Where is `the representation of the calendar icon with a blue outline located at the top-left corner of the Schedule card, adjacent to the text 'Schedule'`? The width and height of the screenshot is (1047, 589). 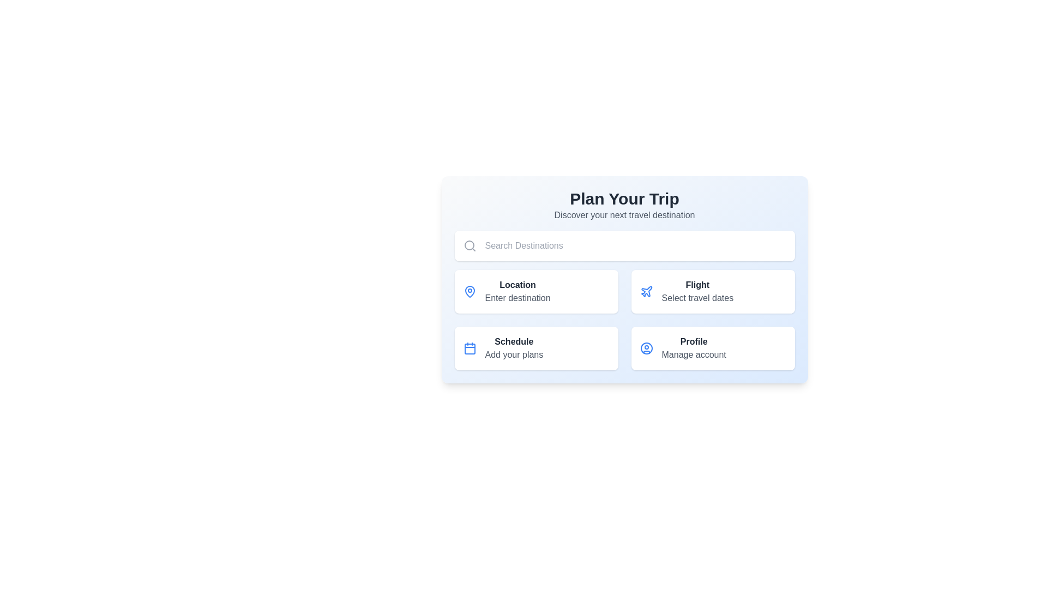
the representation of the calendar icon with a blue outline located at the top-left corner of the Schedule card, adjacent to the text 'Schedule' is located at coordinates (470, 348).